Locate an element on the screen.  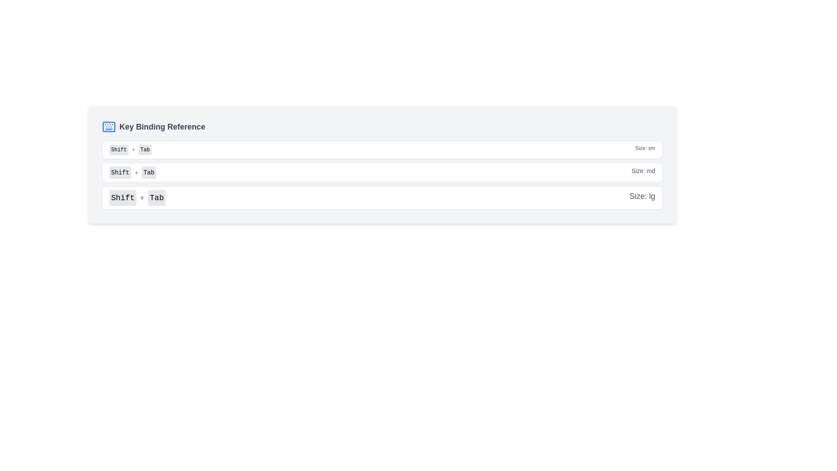
the Key combination indicator element that displays 'Shift + Tab' with gray-button-style labels and a light gray background is located at coordinates (132, 173).